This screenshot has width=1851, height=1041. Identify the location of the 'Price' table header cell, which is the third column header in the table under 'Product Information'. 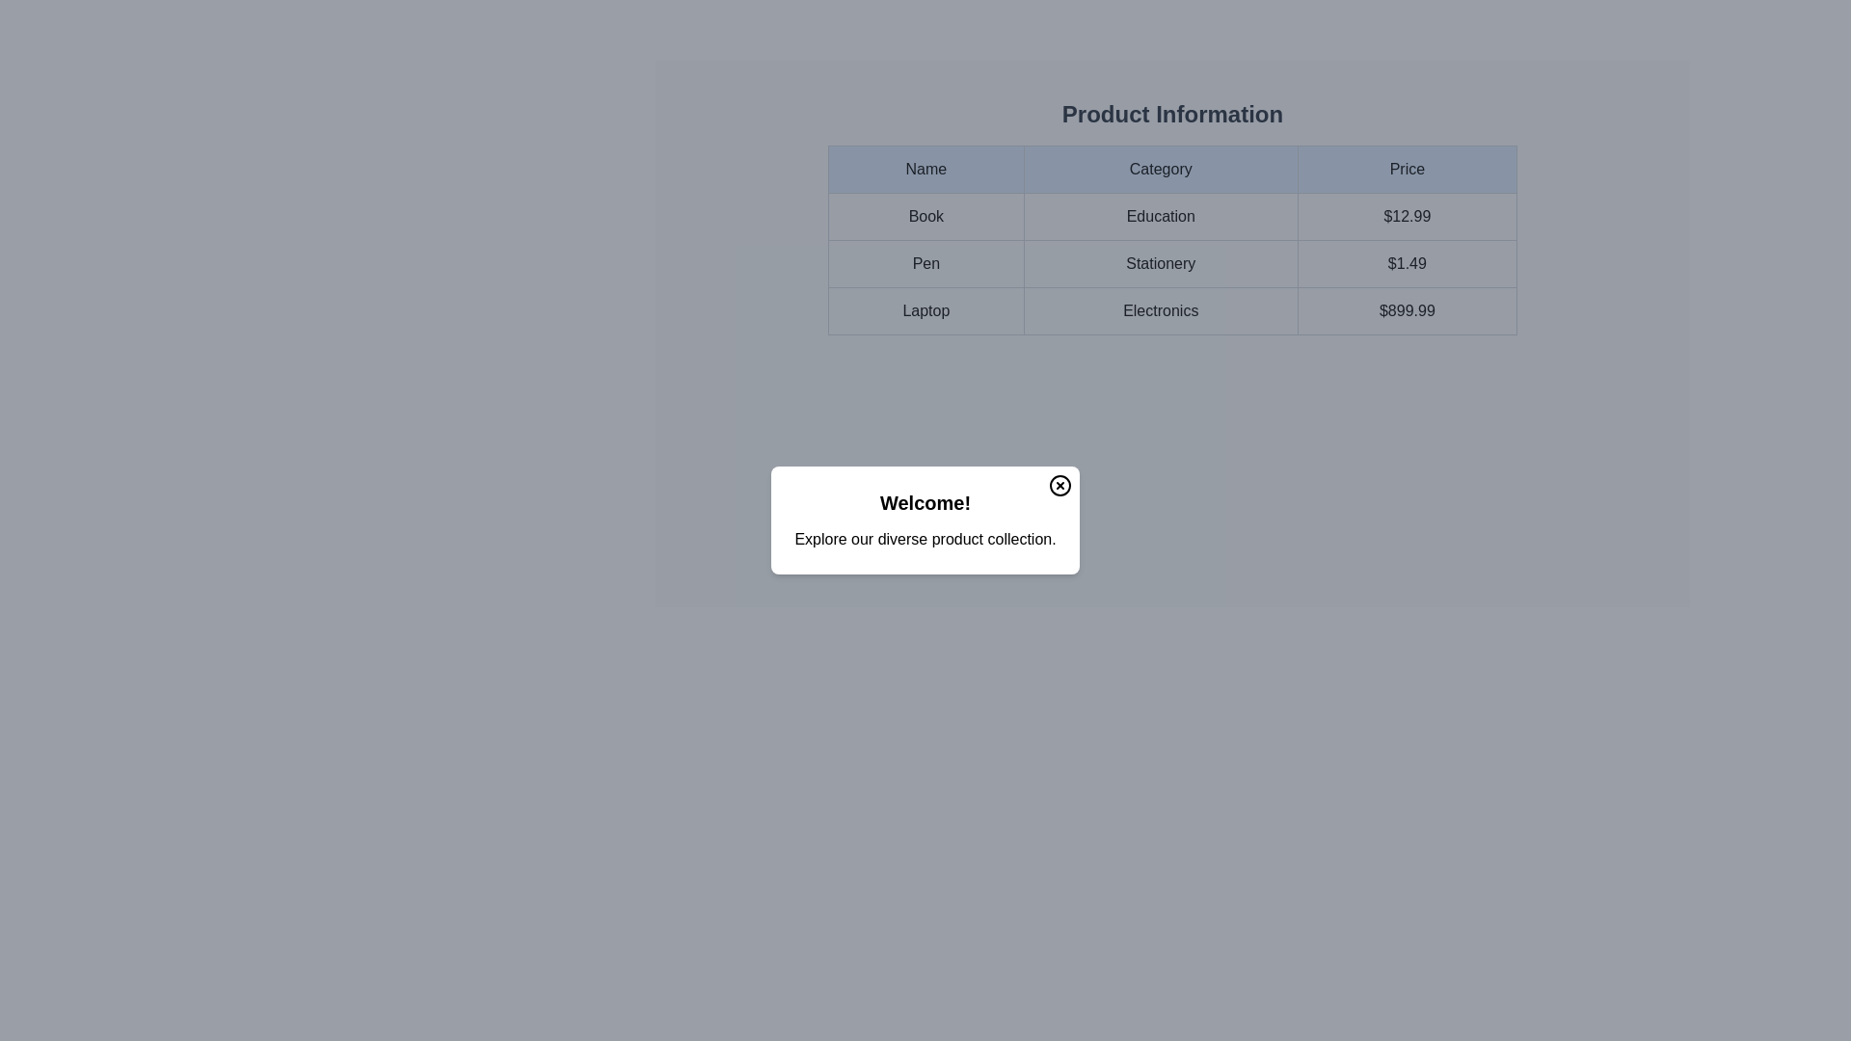
(1407, 169).